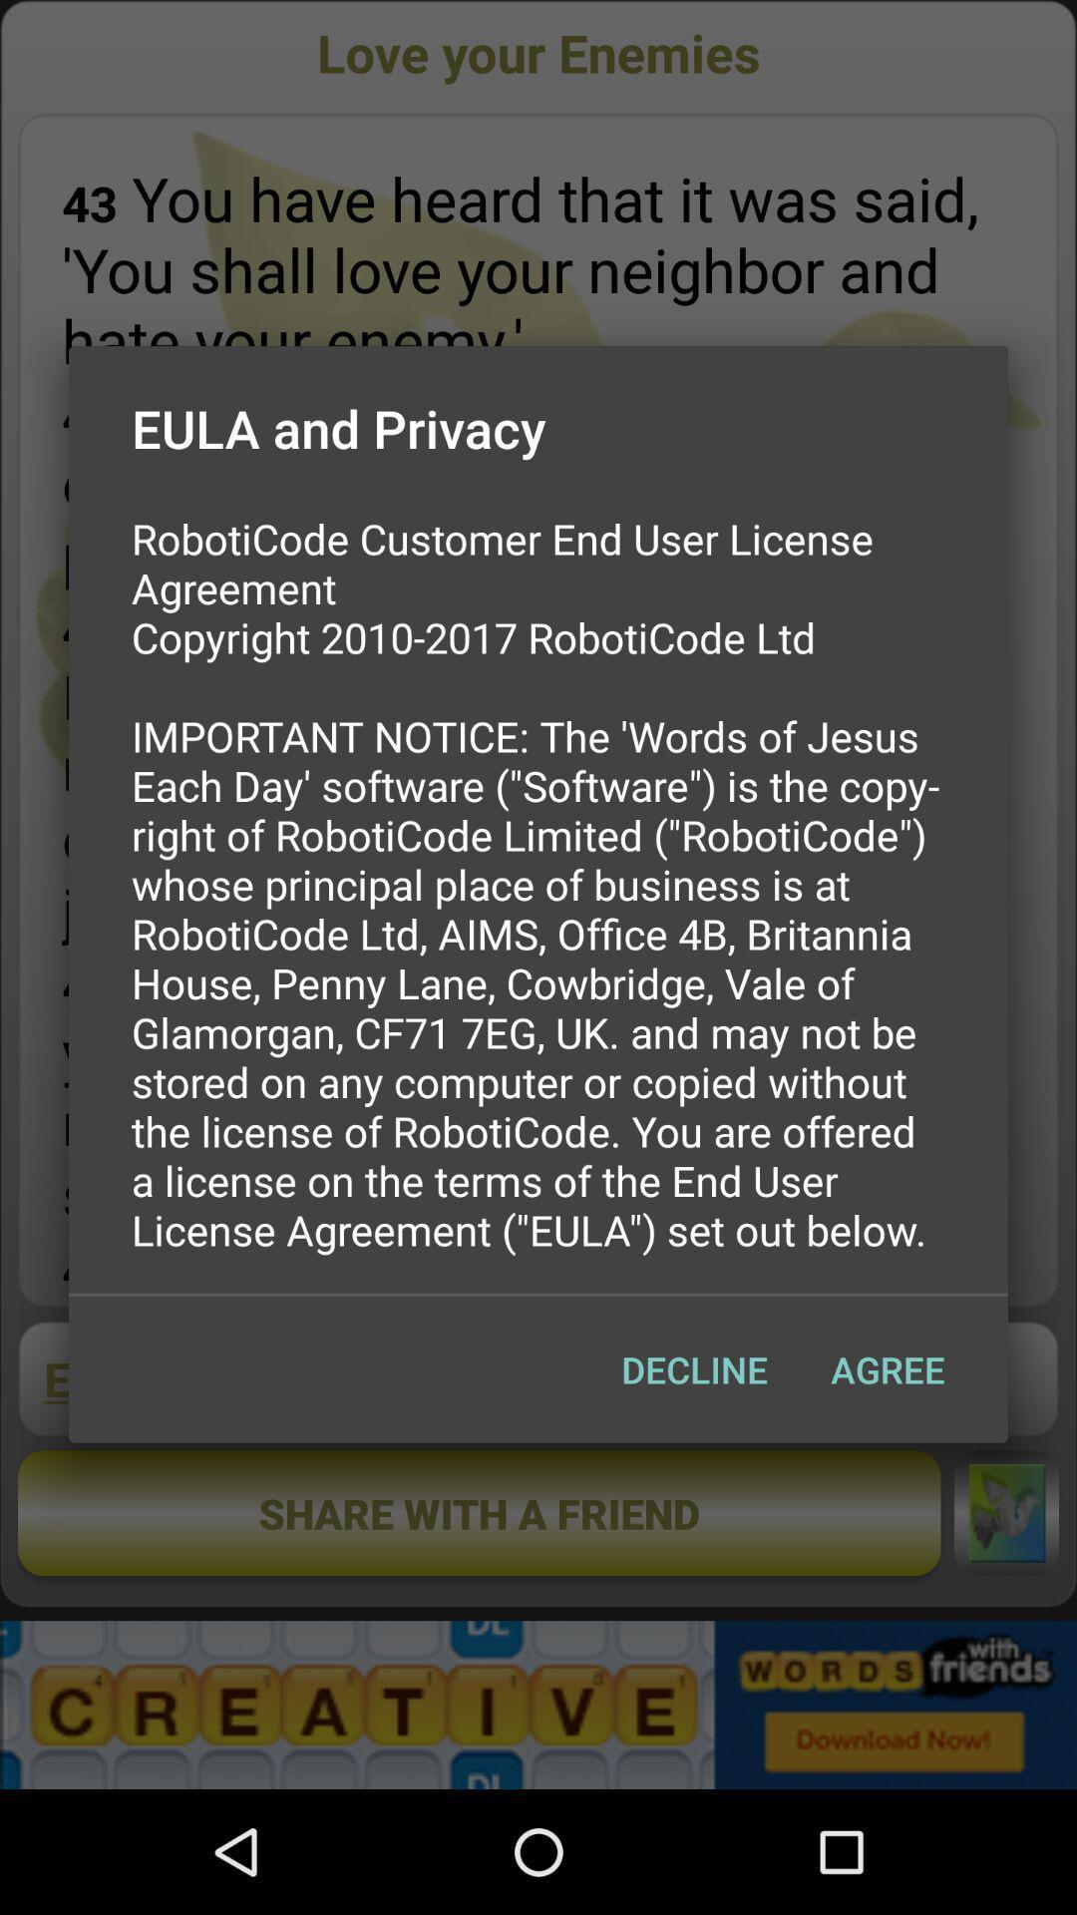  I want to click on icon below roboticode customer end icon, so click(887, 1368).